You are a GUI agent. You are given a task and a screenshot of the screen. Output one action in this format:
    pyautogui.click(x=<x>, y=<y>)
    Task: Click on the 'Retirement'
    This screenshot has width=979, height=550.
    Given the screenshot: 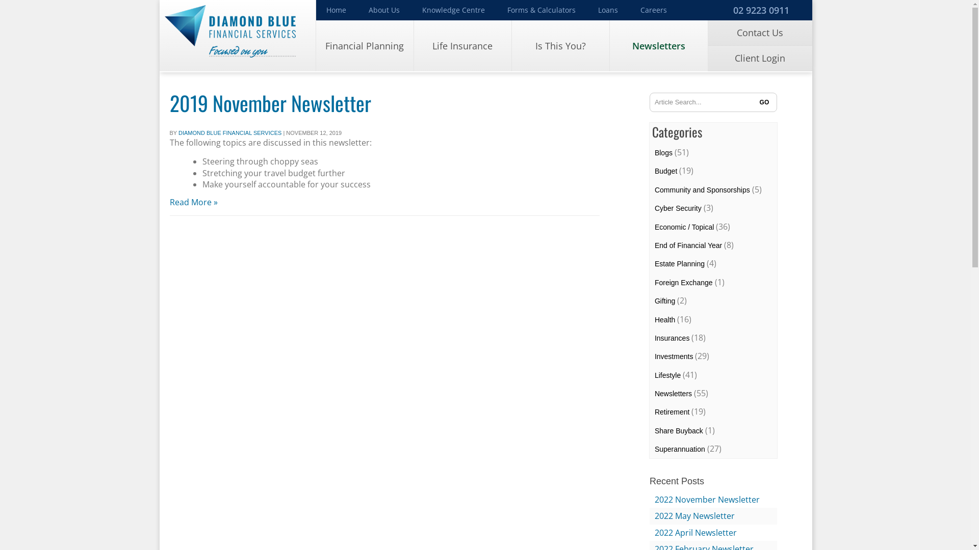 What is the action you would take?
    pyautogui.click(x=672, y=411)
    